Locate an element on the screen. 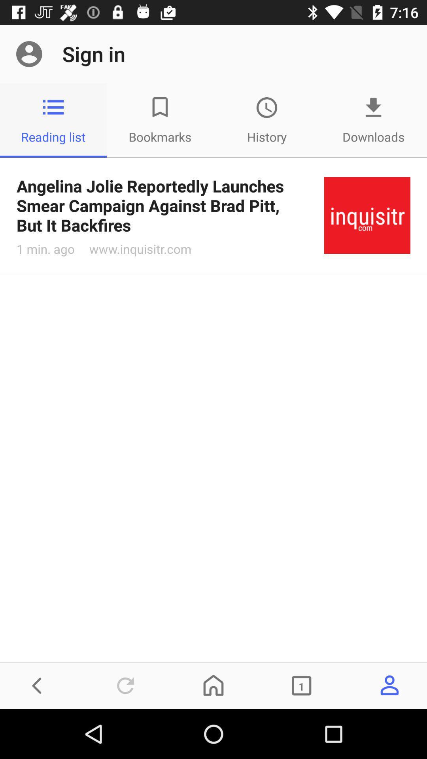 This screenshot has height=759, width=427. the item next to sign in is located at coordinates (28, 53).